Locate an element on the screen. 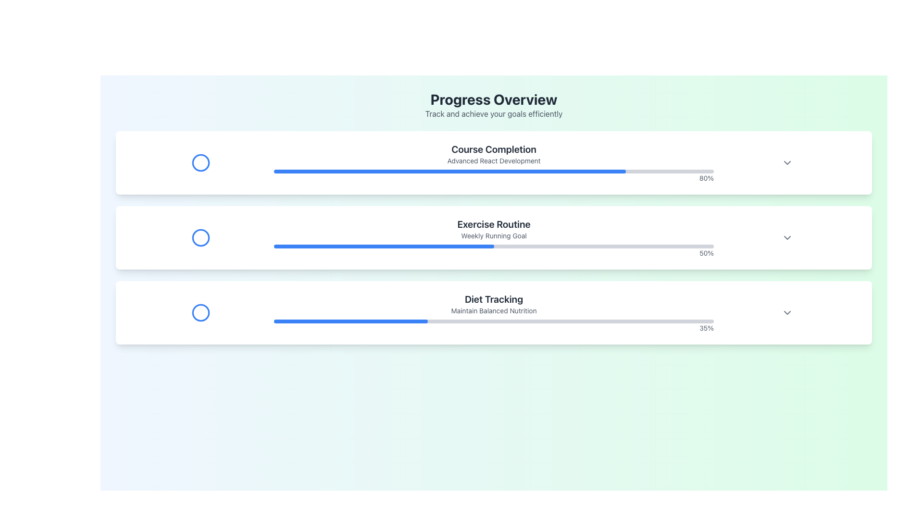  the gray downward-pointing chevron icon located near the right edge of the 'Course Completion' progress bar section is located at coordinates (787, 162).